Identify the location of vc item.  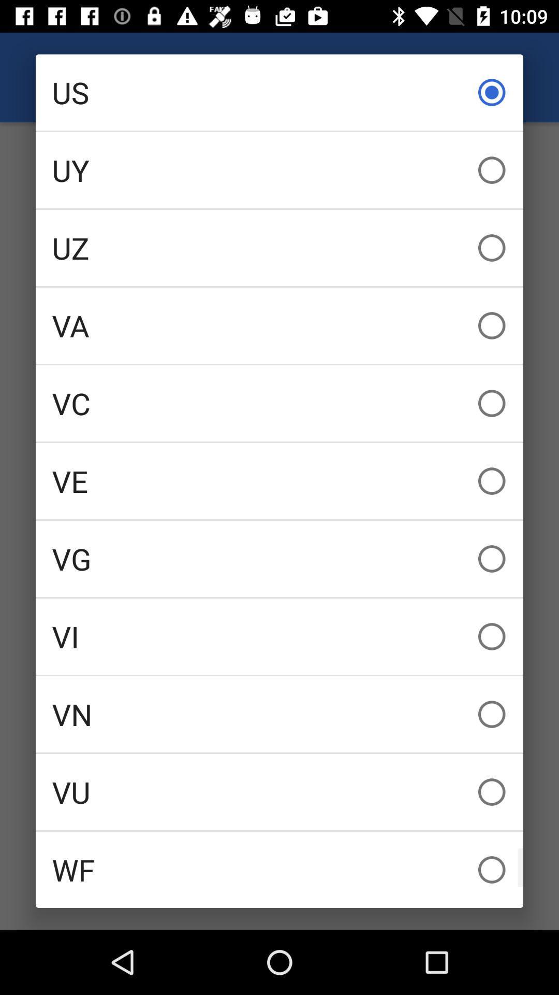
(279, 403).